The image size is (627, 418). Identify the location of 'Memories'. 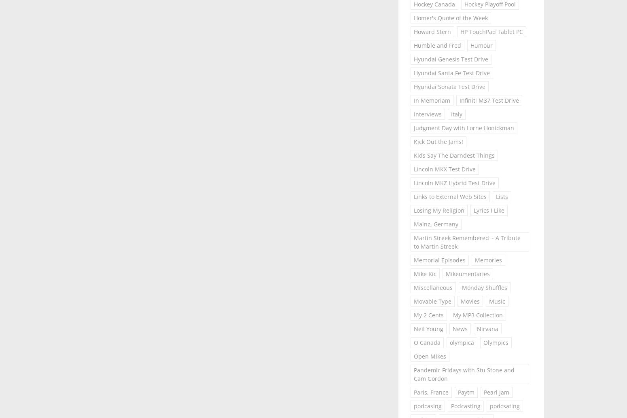
(488, 260).